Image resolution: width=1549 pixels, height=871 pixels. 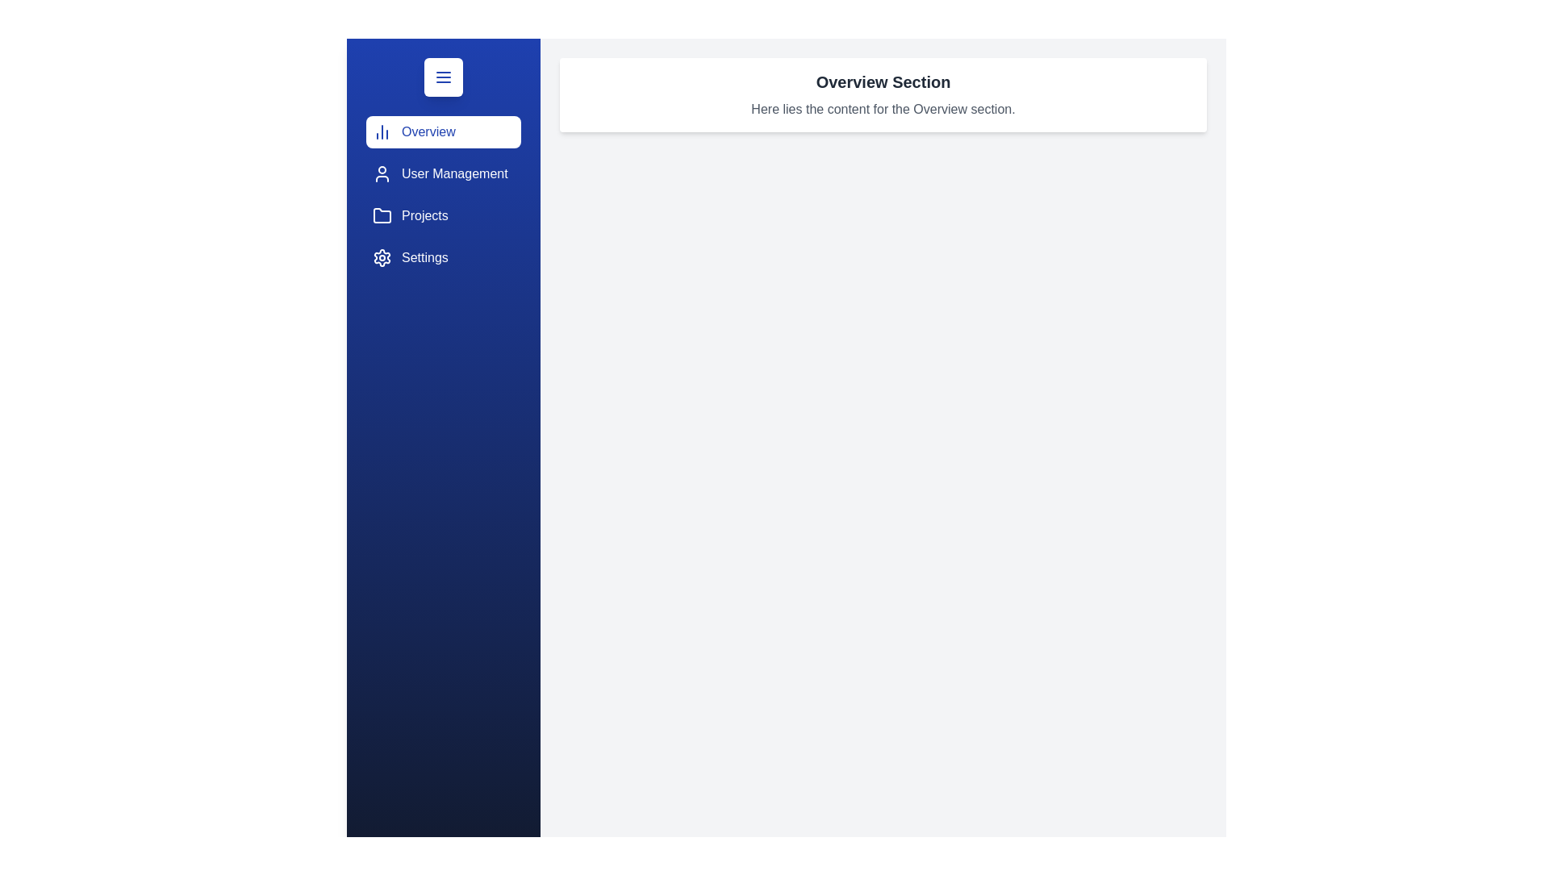 I want to click on the sidebar section Overview by clicking on its corresponding area, so click(x=444, y=131).